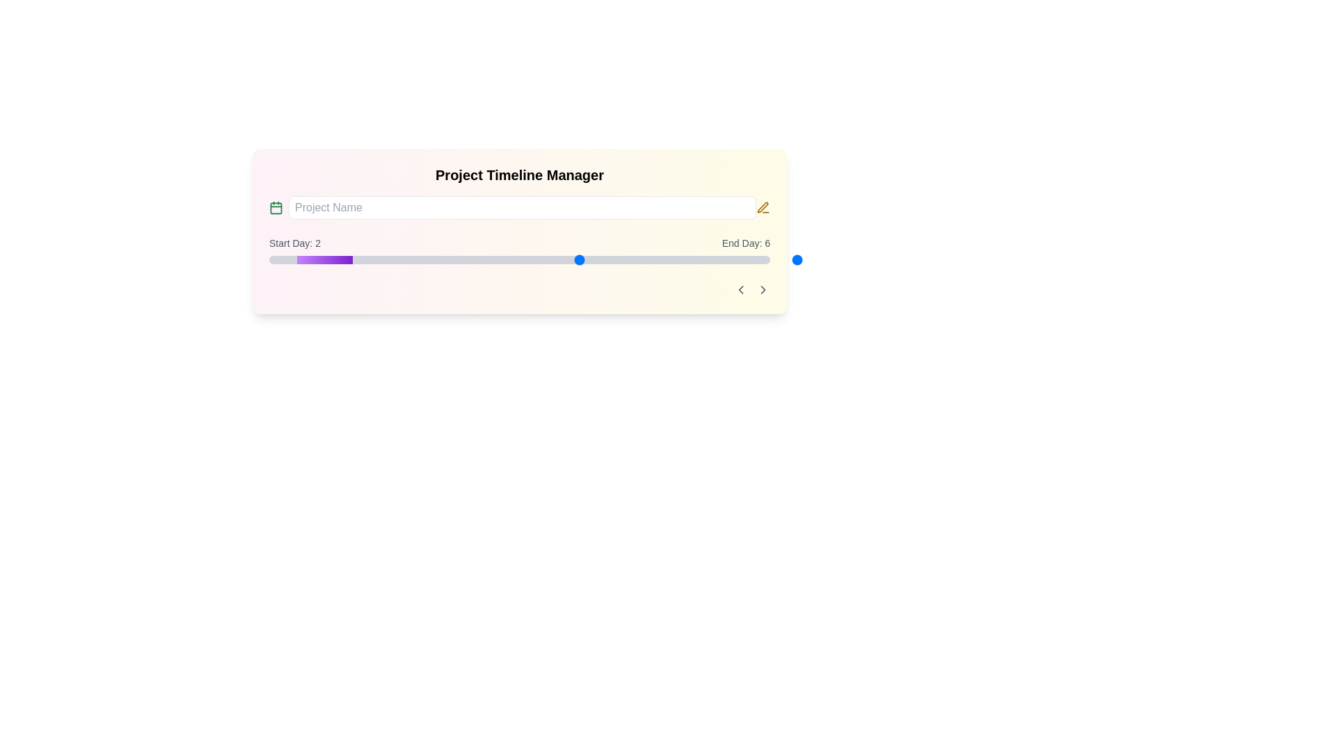 This screenshot has width=1336, height=751. I want to click on the progress bar's indication located between the text 'Start Day: 2' and 'End Day: 6' under the 'Project Timeline Manager' heading, so click(519, 249).